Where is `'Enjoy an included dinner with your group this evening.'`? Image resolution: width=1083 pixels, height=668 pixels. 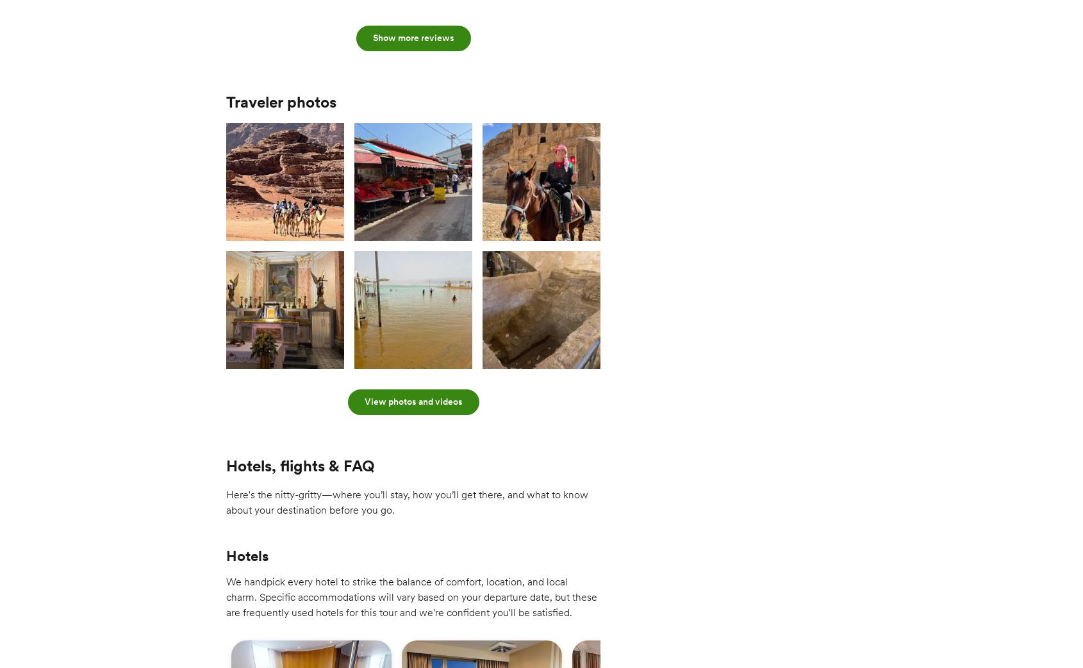
'Enjoy an included dinner with your group this evening.' is located at coordinates (226, 213).